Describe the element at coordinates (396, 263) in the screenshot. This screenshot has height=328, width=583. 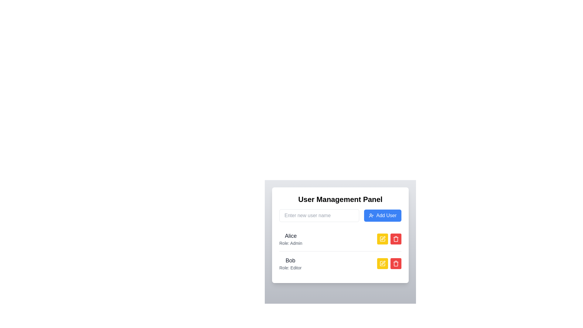
I see `the delete button located next to the user 'Bob' in the bottom row of the user list to observe any hover effect` at that location.